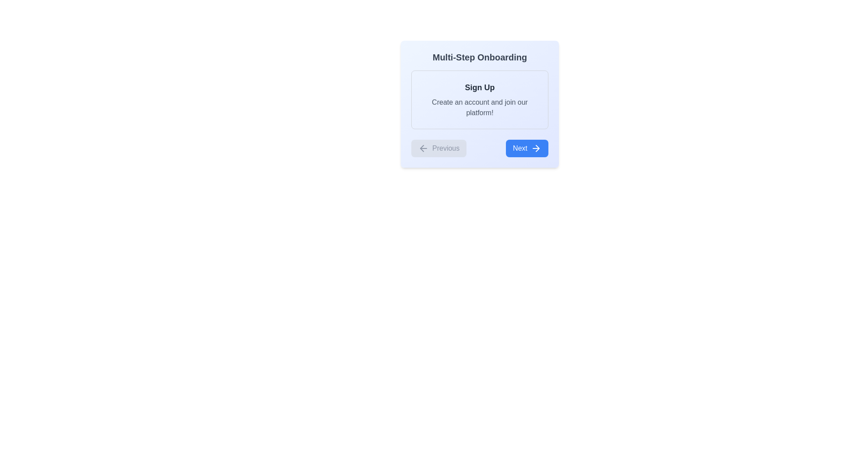 This screenshot has height=473, width=841. I want to click on the arrow icon located on the far-right side of the blue 'Next' button to proceed to the next step, so click(536, 148).